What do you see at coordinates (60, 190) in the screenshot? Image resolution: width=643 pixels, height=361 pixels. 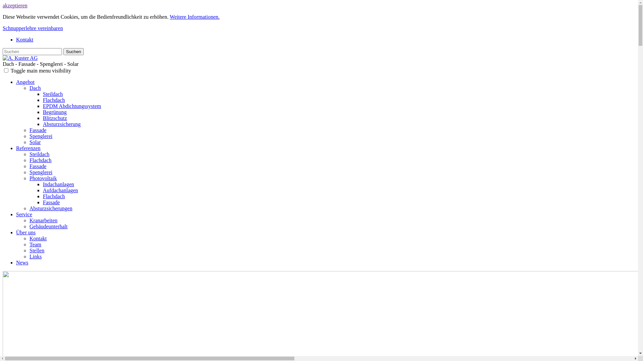 I see `'Aufdachanlagen'` at bounding box center [60, 190].